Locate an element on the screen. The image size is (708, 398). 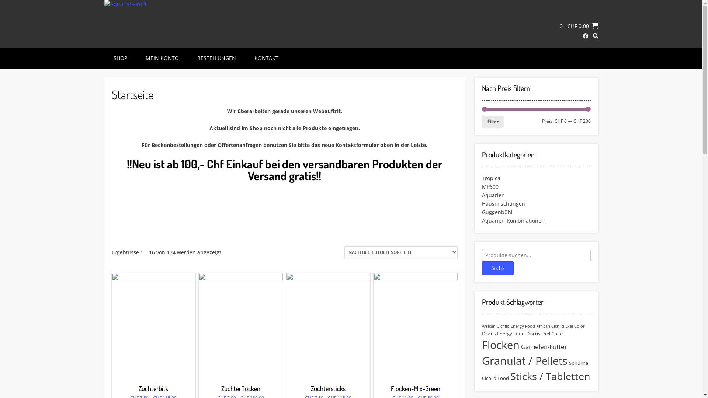
'Suche' is located at coordinates (497, 268).